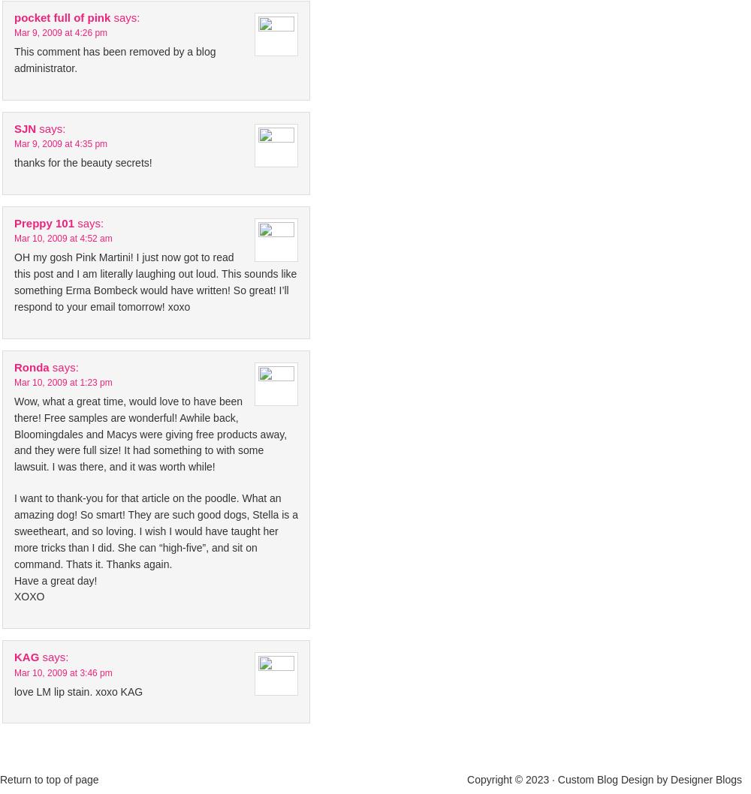 The width and height of the screenshot is (751, 794). I want to click on 'Mar 10, 2009 at 1:23 pm', so click(62, 381).